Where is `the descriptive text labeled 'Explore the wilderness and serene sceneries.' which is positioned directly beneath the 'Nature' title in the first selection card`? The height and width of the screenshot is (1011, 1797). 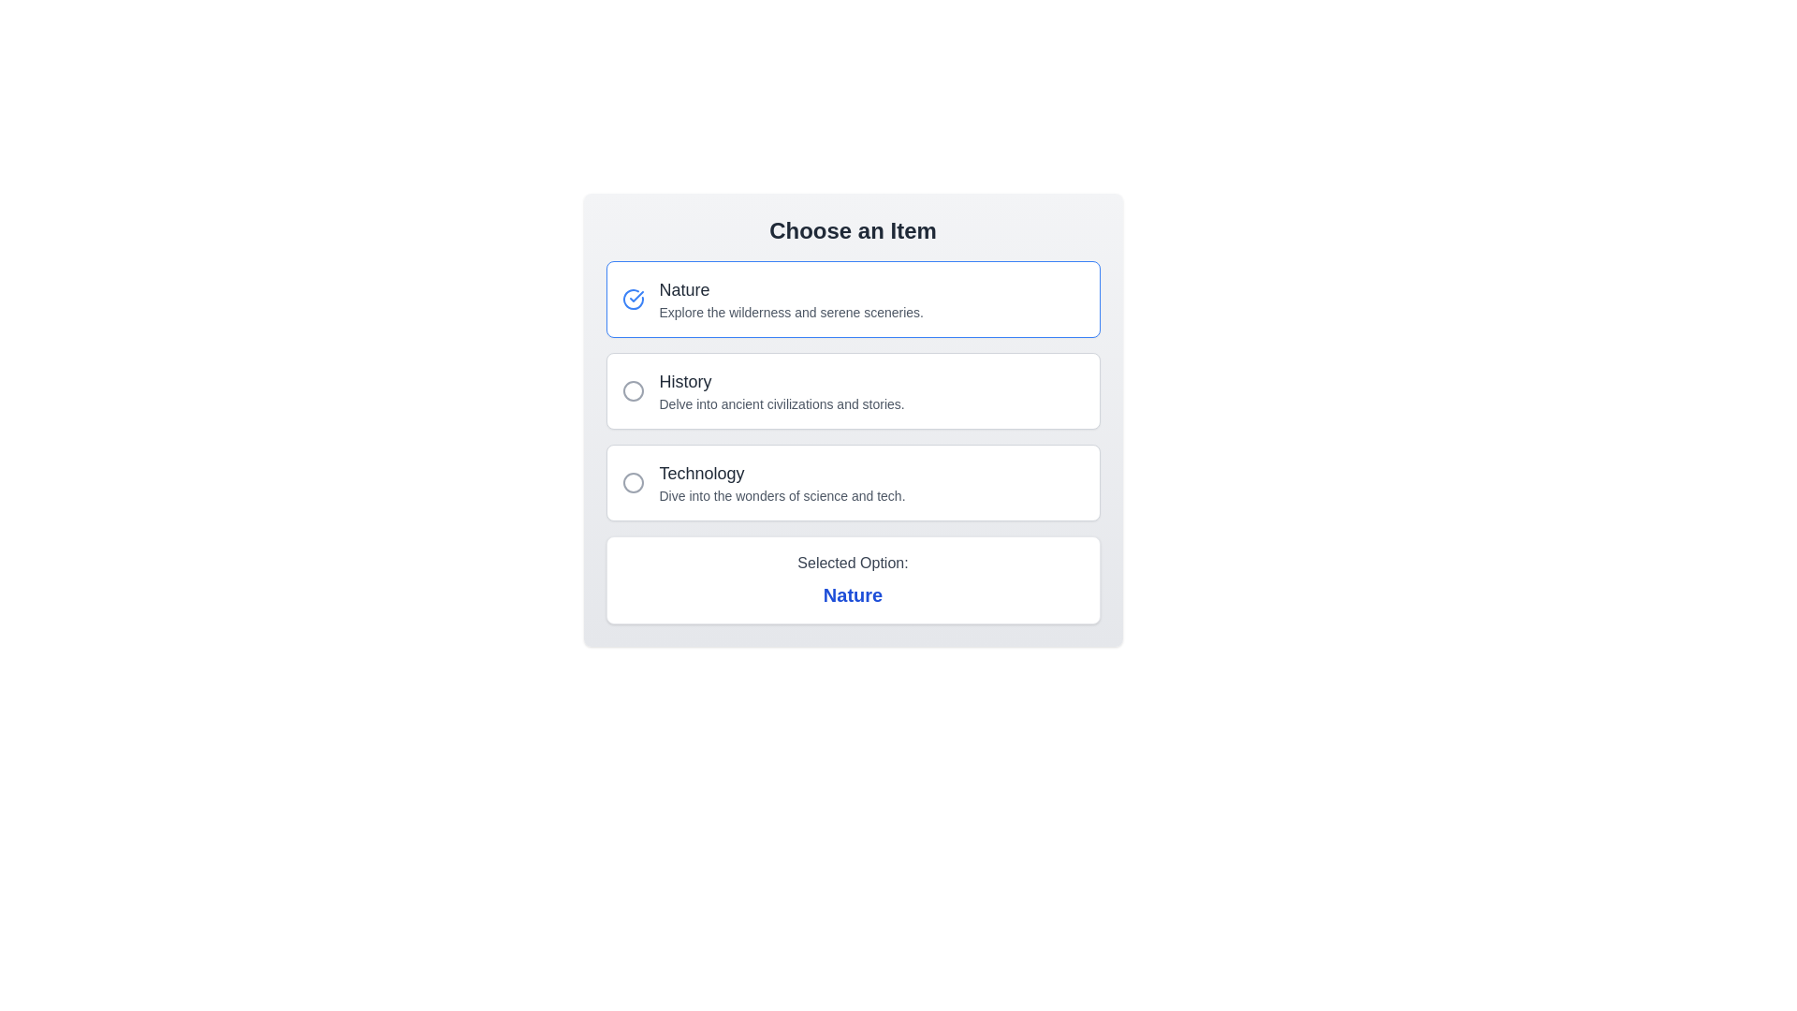
the descriptive text labeled 'Explore the wilderness and serene sceneries.' which is positioned directly beneath the 'Nature' title in the first selection card is located at coordinates (791, 312).